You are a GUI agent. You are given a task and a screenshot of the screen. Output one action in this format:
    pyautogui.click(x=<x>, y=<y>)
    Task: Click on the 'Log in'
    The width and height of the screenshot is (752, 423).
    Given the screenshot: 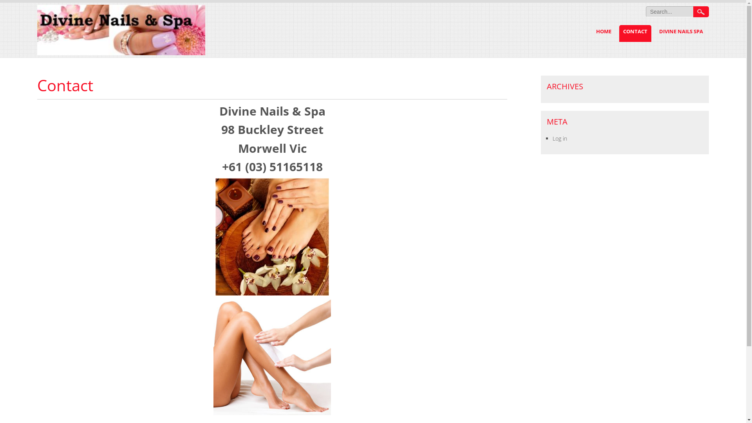 What is the action you would take?
    pyautogui.click(x=559, y=138)
    